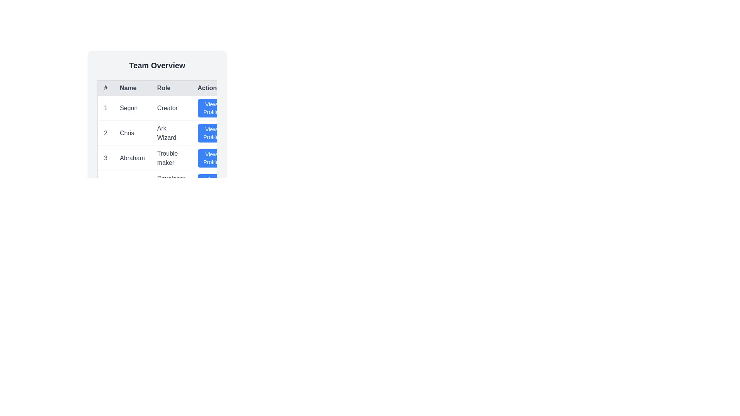 The height and width of the screenshot is (416, 740). What do you see at coordinates (132, 87) in the screenshot?
I see `the Text Label that serves as a column header for names in the table, located in the second cell of the header row, between the '#' and 'Role' headers` at bounding box center [132, 87].